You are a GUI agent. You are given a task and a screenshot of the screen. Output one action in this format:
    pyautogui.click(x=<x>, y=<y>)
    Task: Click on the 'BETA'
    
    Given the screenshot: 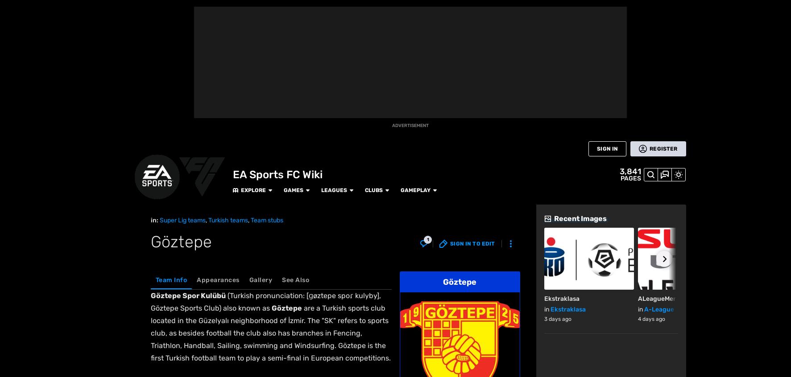 What is the action you would take?
    pyautogui.click(x=14, y=95)
    